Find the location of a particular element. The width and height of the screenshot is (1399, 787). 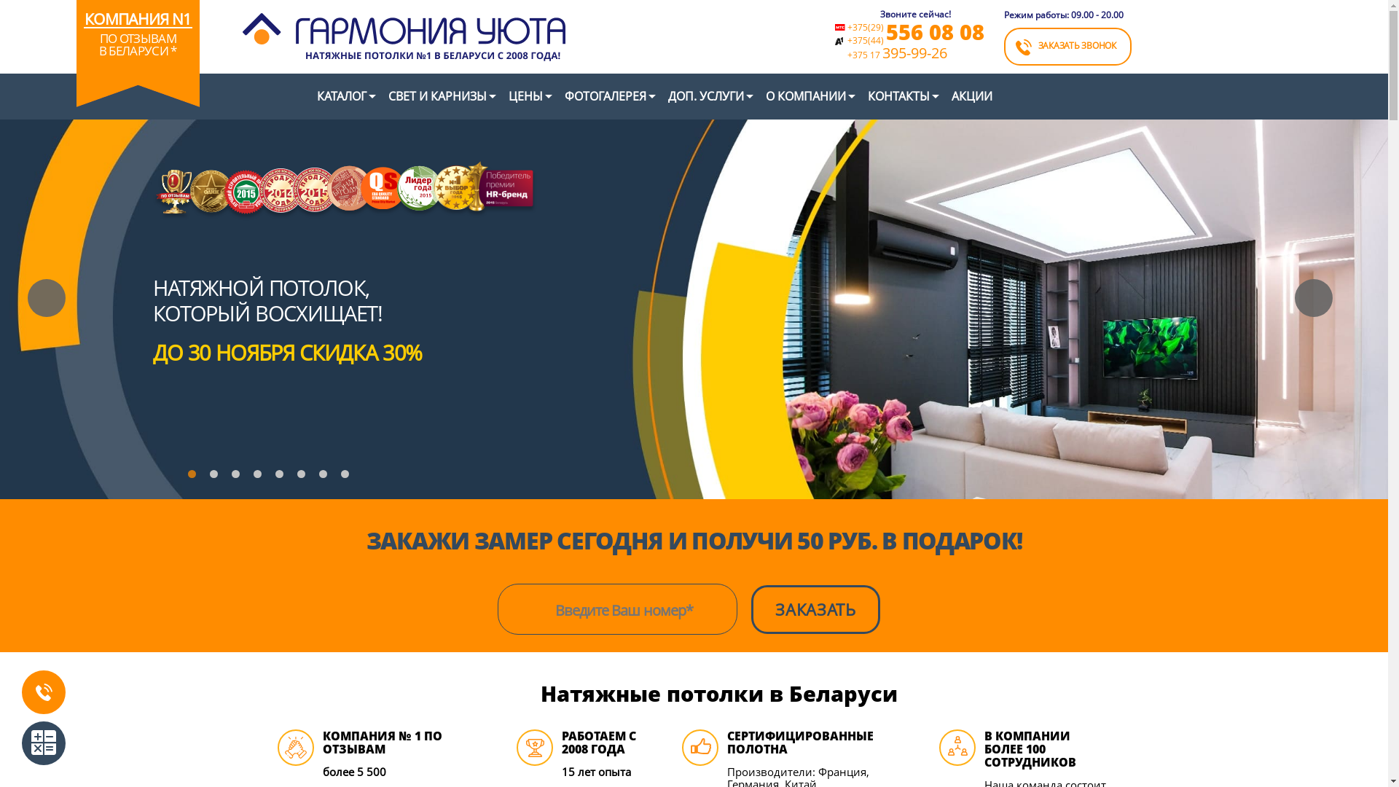

'5' is located at coordinates (283, 477).